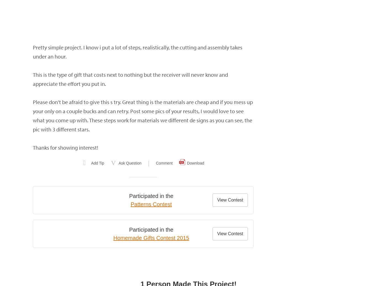 The image size is (377, 286). Describe the element at coordinates (118, 163) in the screenshot. I see `'Ask Question'` at that location.